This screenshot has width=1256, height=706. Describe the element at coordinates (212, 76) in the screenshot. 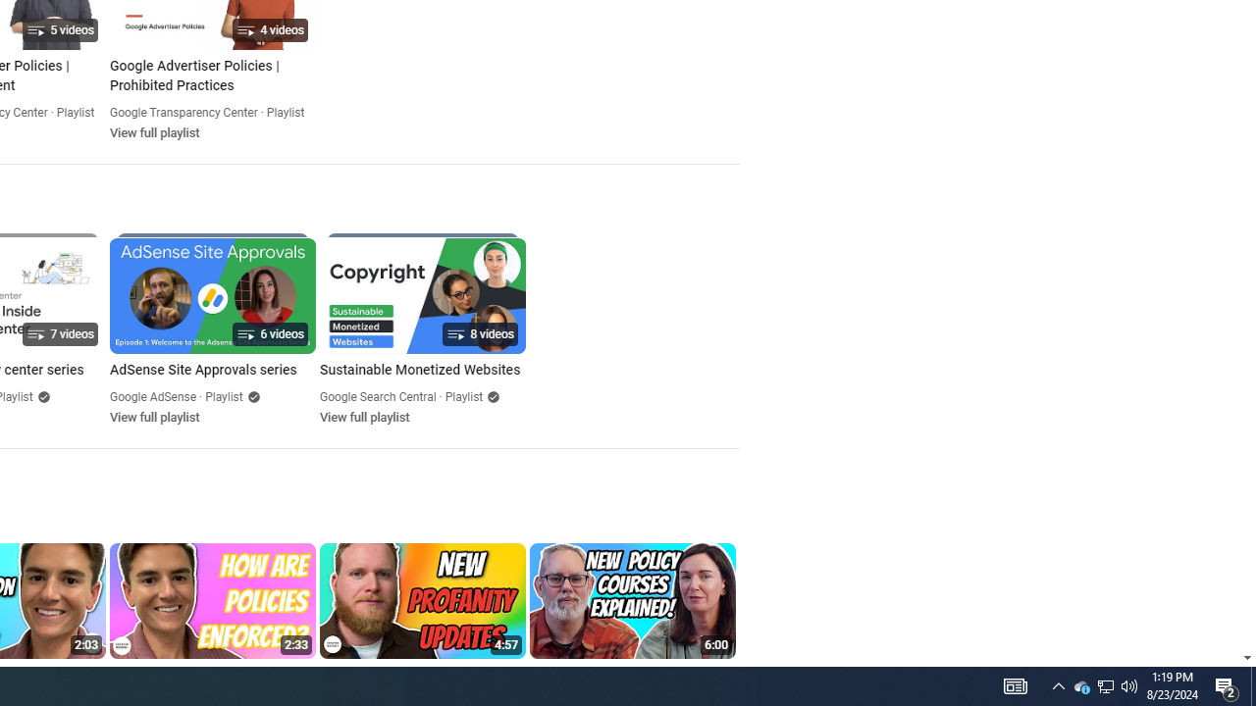

I see `'Google Advertiser Policies | Prohibited Practices'` at that location.